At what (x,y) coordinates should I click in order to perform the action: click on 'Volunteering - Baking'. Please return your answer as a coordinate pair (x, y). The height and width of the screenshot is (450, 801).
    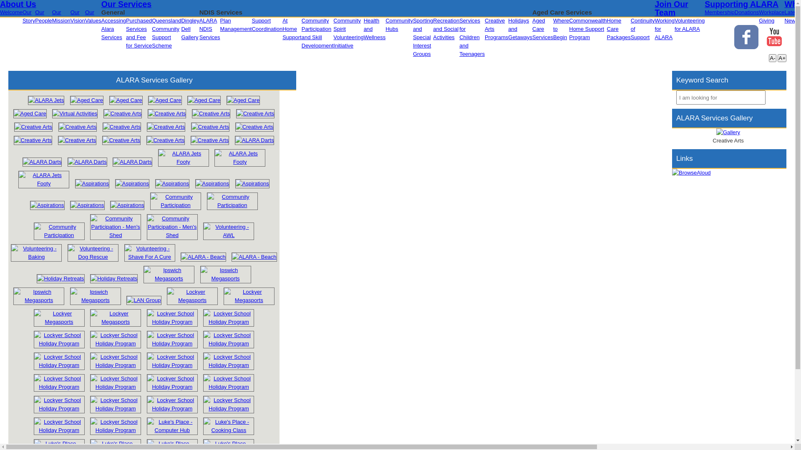
    Looking at the image, I should click on (8, 256).